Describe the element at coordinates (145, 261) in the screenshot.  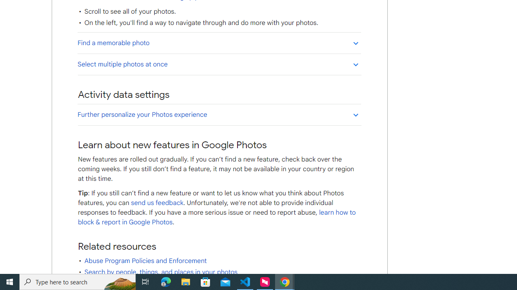
I see `'Abuse Program Policies and Enforcement'` at that location.